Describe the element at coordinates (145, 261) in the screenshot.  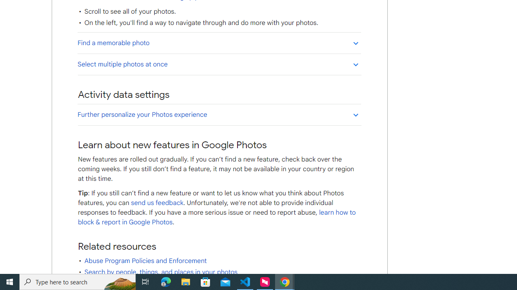
I see `'Abuse Program Policies and Enforcement'` at that location.